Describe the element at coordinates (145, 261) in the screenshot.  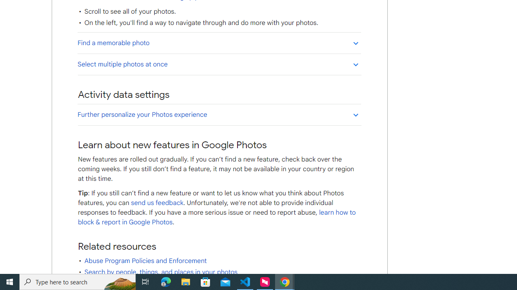
I see `'Abuse Program Policies and Enforcement'` at that location.